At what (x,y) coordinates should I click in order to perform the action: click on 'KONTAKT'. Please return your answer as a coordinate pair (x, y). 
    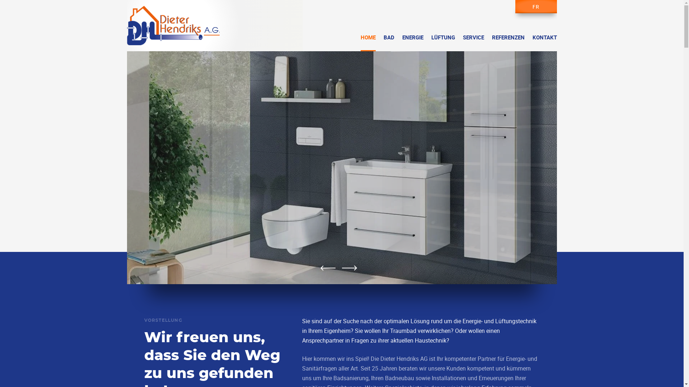
    Looking at the image, I should click on (544, 43).